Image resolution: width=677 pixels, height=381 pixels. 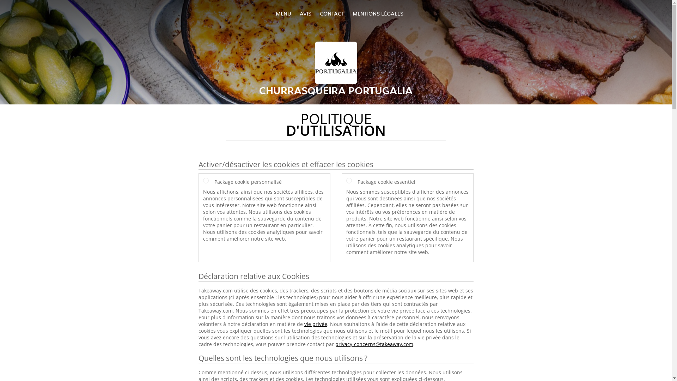 I want to click on 'AVIS', so click(x=305, y=13).